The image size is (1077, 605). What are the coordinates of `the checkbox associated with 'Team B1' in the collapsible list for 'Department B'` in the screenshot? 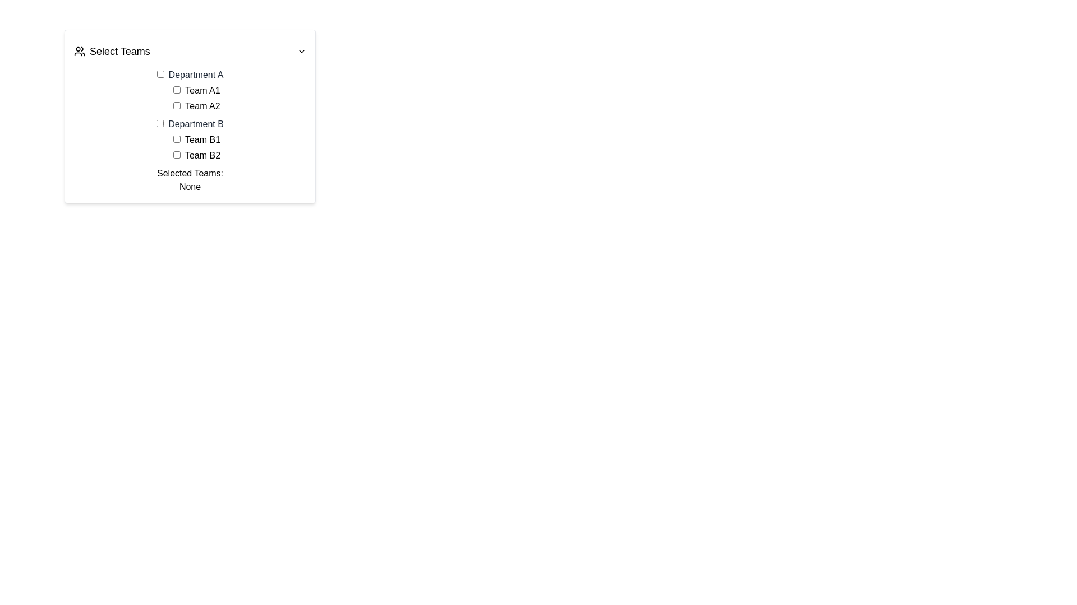 It's located at (190, 139).